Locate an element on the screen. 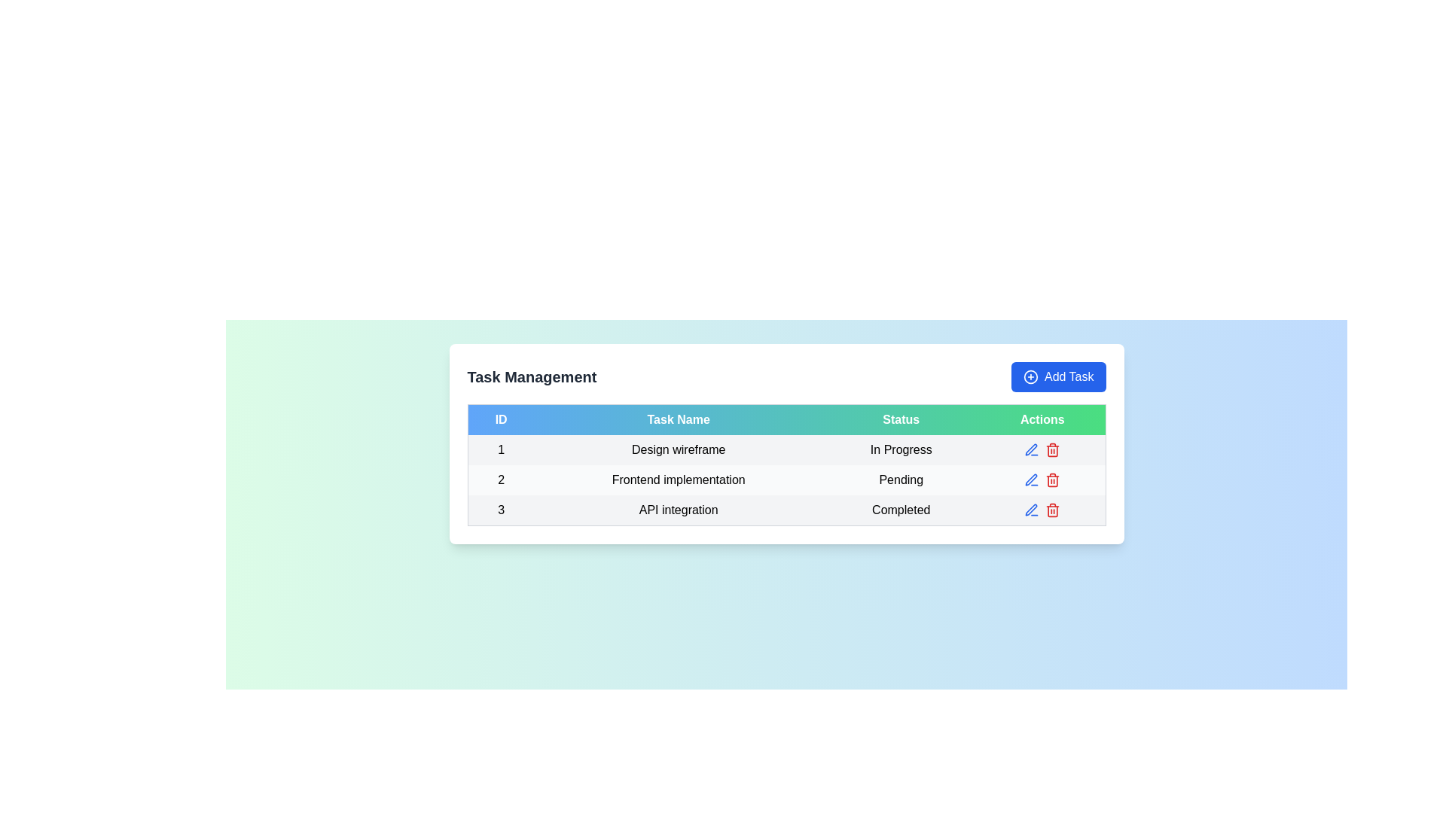 Image resolution: width=1446 pixels, height=813 pixels. the text label displaying the numeral '3' located in the first column of the third row under the 'ID' column in the task management interface is located at coordinates (501, 510).